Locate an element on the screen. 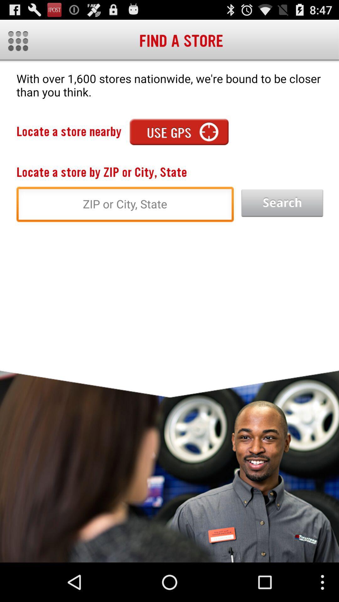 This screenshot has width=339, height=602. the search field is located at coordinates (125, 206).